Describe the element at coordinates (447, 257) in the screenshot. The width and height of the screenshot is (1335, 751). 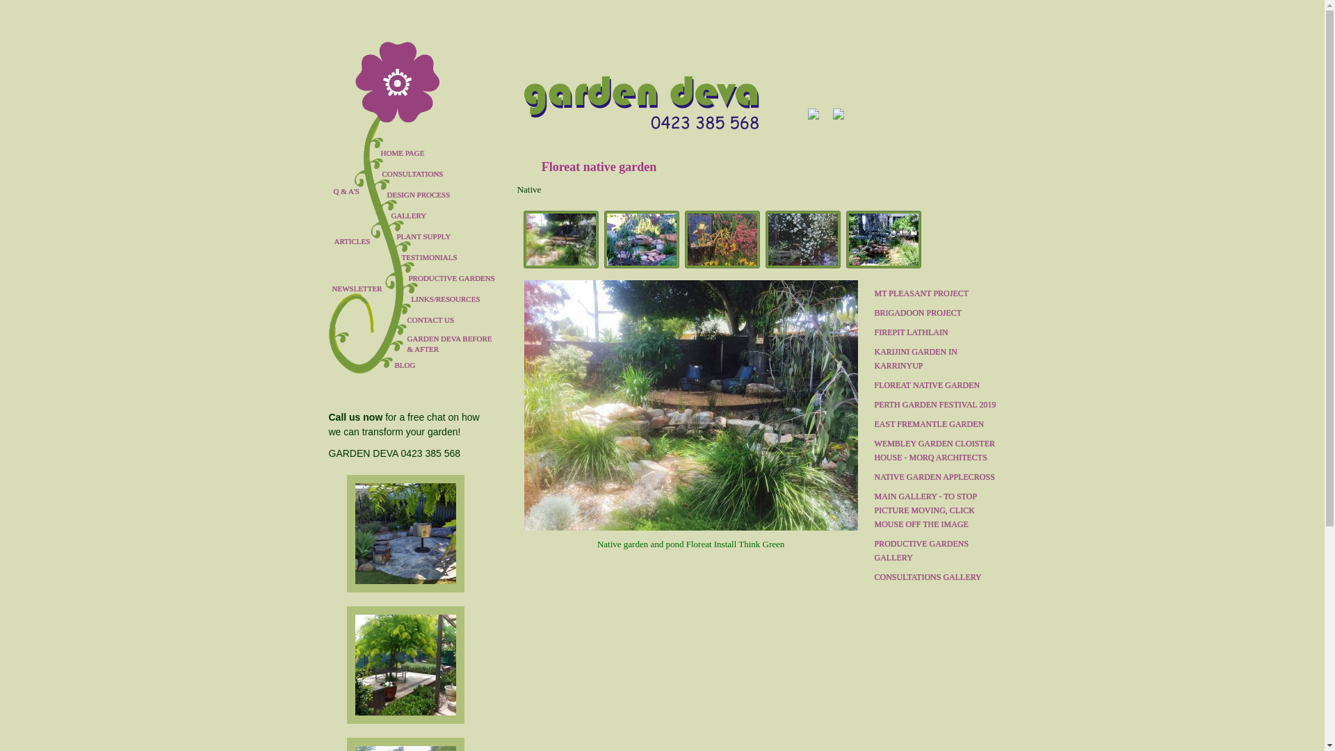
I see `'TESTIMONIALS'` at that location.